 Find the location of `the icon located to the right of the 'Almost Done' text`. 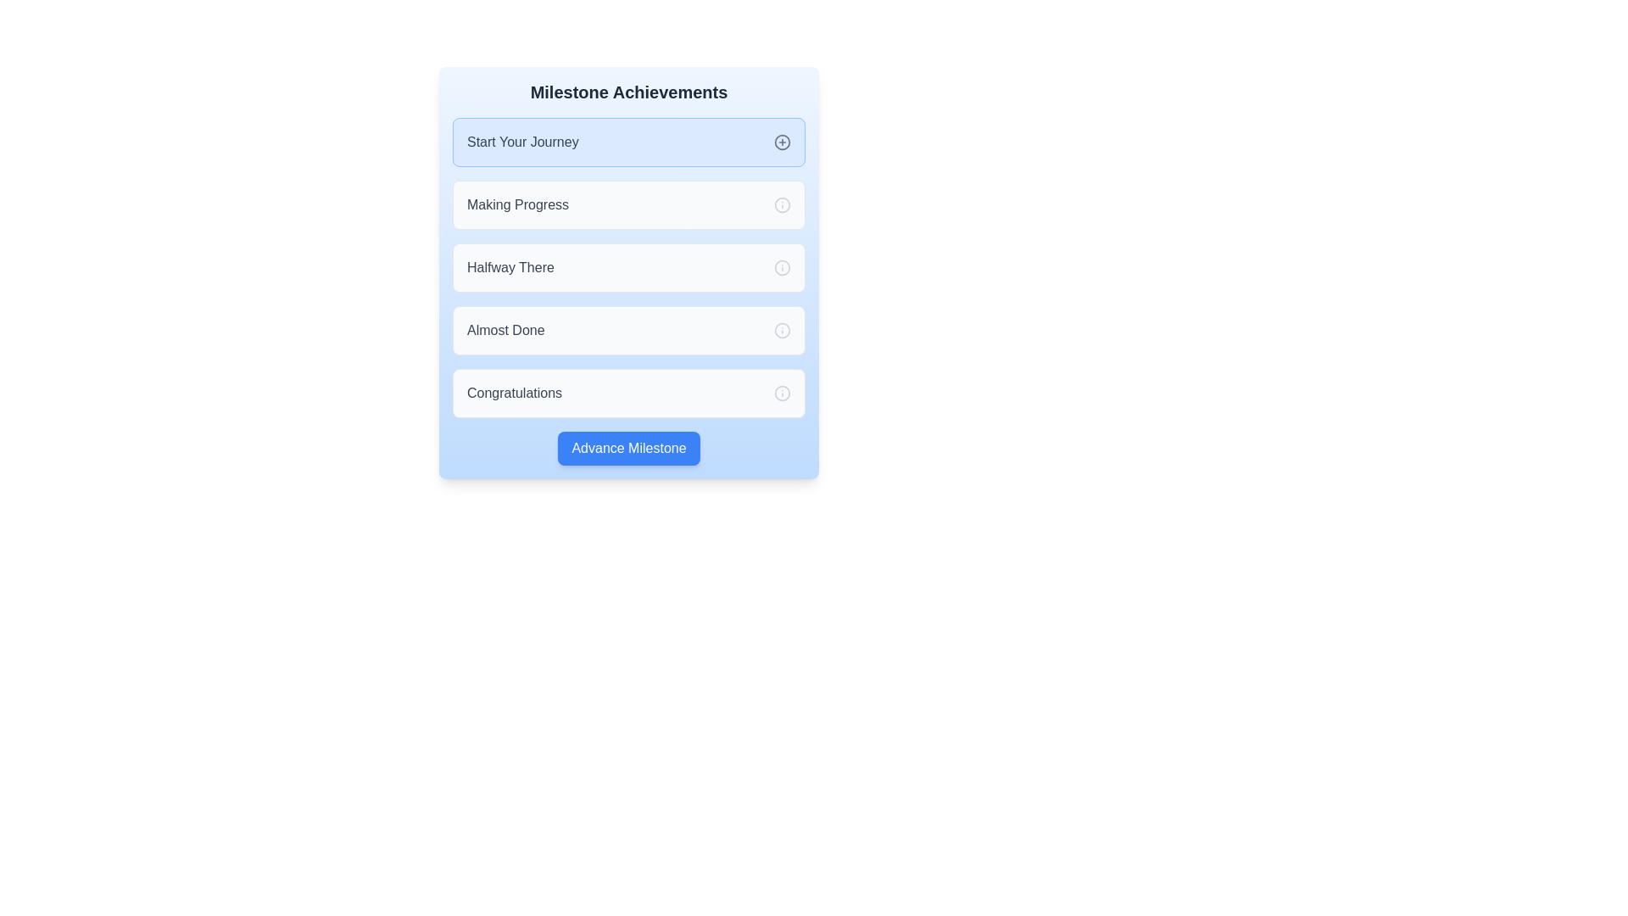

the icon located to the right of the 'Almost Done' text is located at coordinates (781, 330).